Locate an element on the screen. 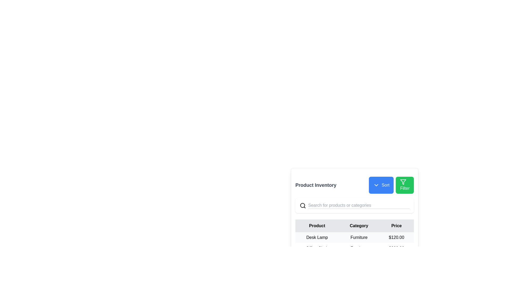 The height and width of the screenshot is (287, 511). the composite UI component consisting of the 'Sort' and 'Filter' buttons, which are located to the right of the 'Product Inventory' header is located at coordinates (391, 185).